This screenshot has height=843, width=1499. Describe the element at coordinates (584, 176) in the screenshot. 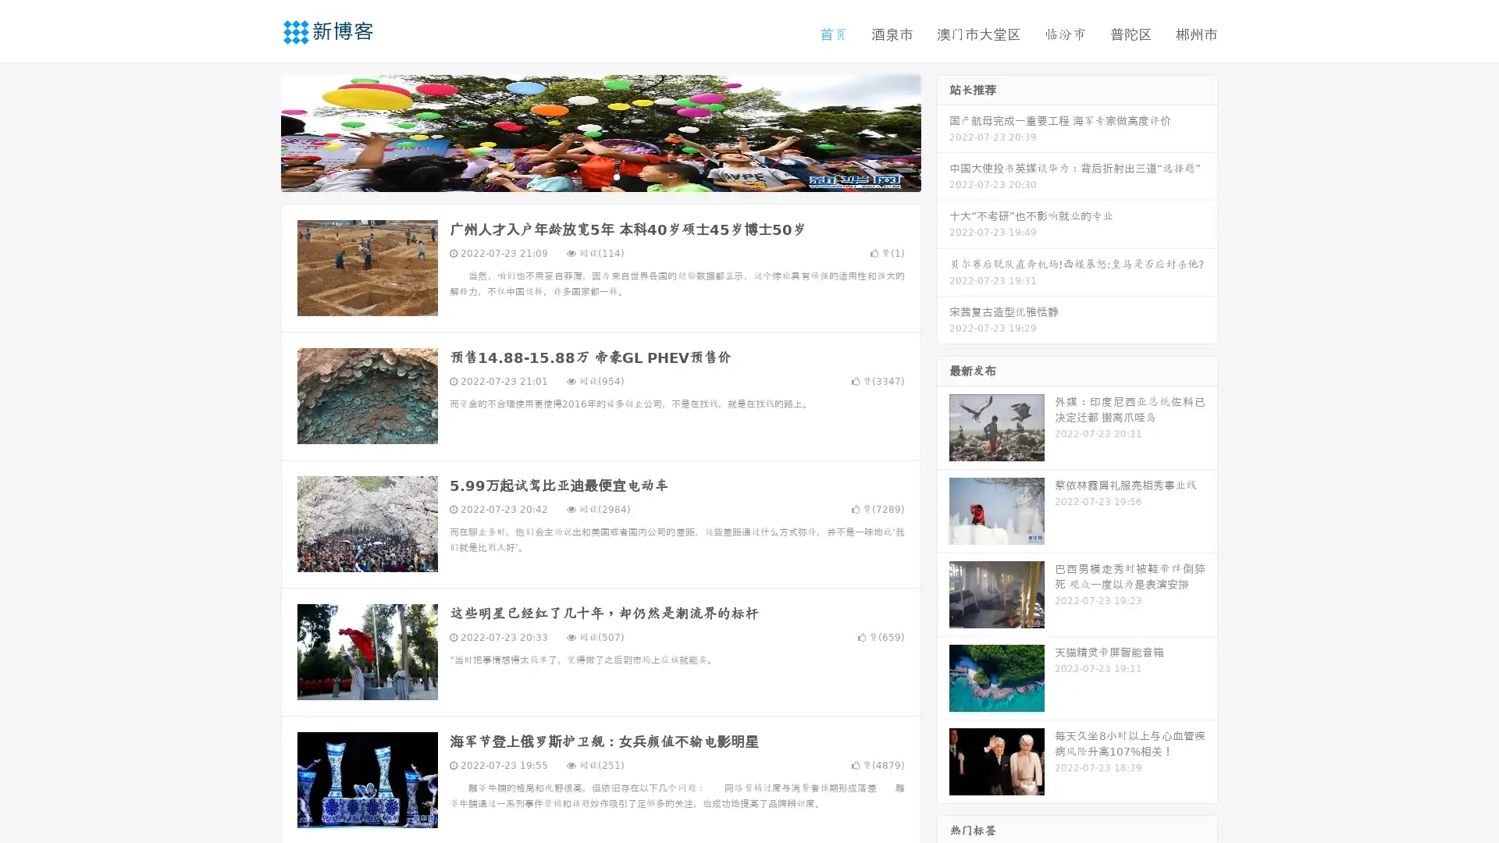

I see `Go to slide 1` at that location.